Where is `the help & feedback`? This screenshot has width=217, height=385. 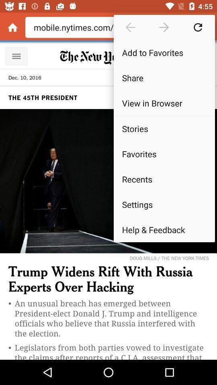 the help & feedback is located at coordinates (164, 229).